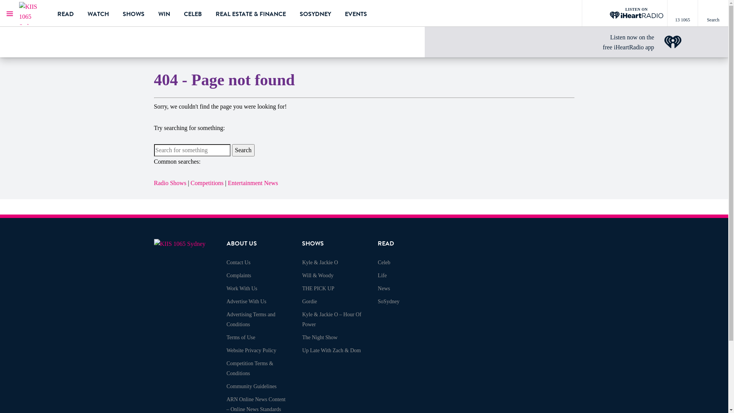 The image size is (734, 413). What do you see at coordinates (242, 150) in the screenshot?
I see `'Search'` at bounding box center [242, 150].